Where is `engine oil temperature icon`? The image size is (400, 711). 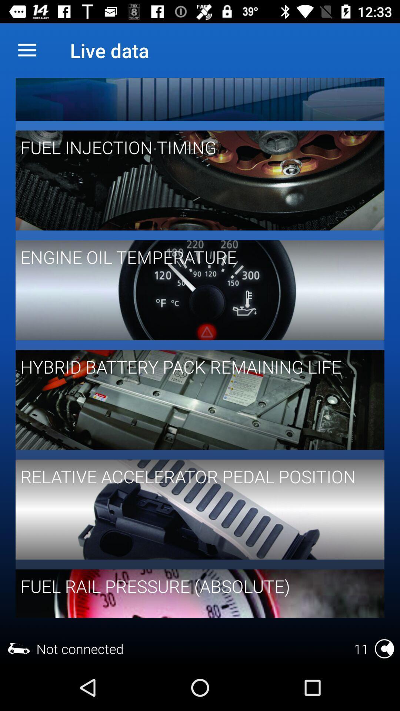
engine oil temperature icon is located at coordinates (194, 257).